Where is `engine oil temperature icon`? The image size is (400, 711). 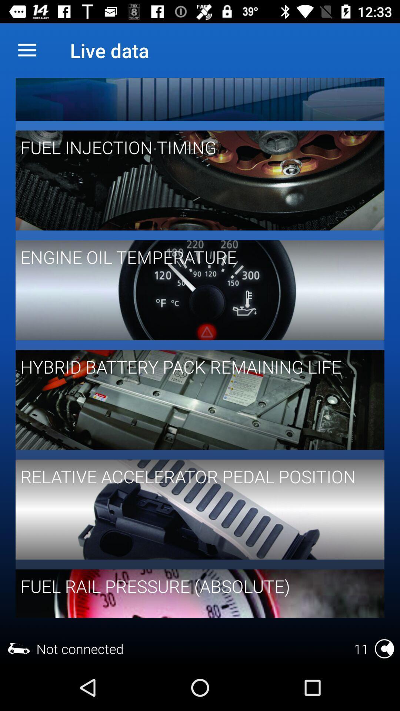
engine oil temperature icon is located at coordinates (194, 257).